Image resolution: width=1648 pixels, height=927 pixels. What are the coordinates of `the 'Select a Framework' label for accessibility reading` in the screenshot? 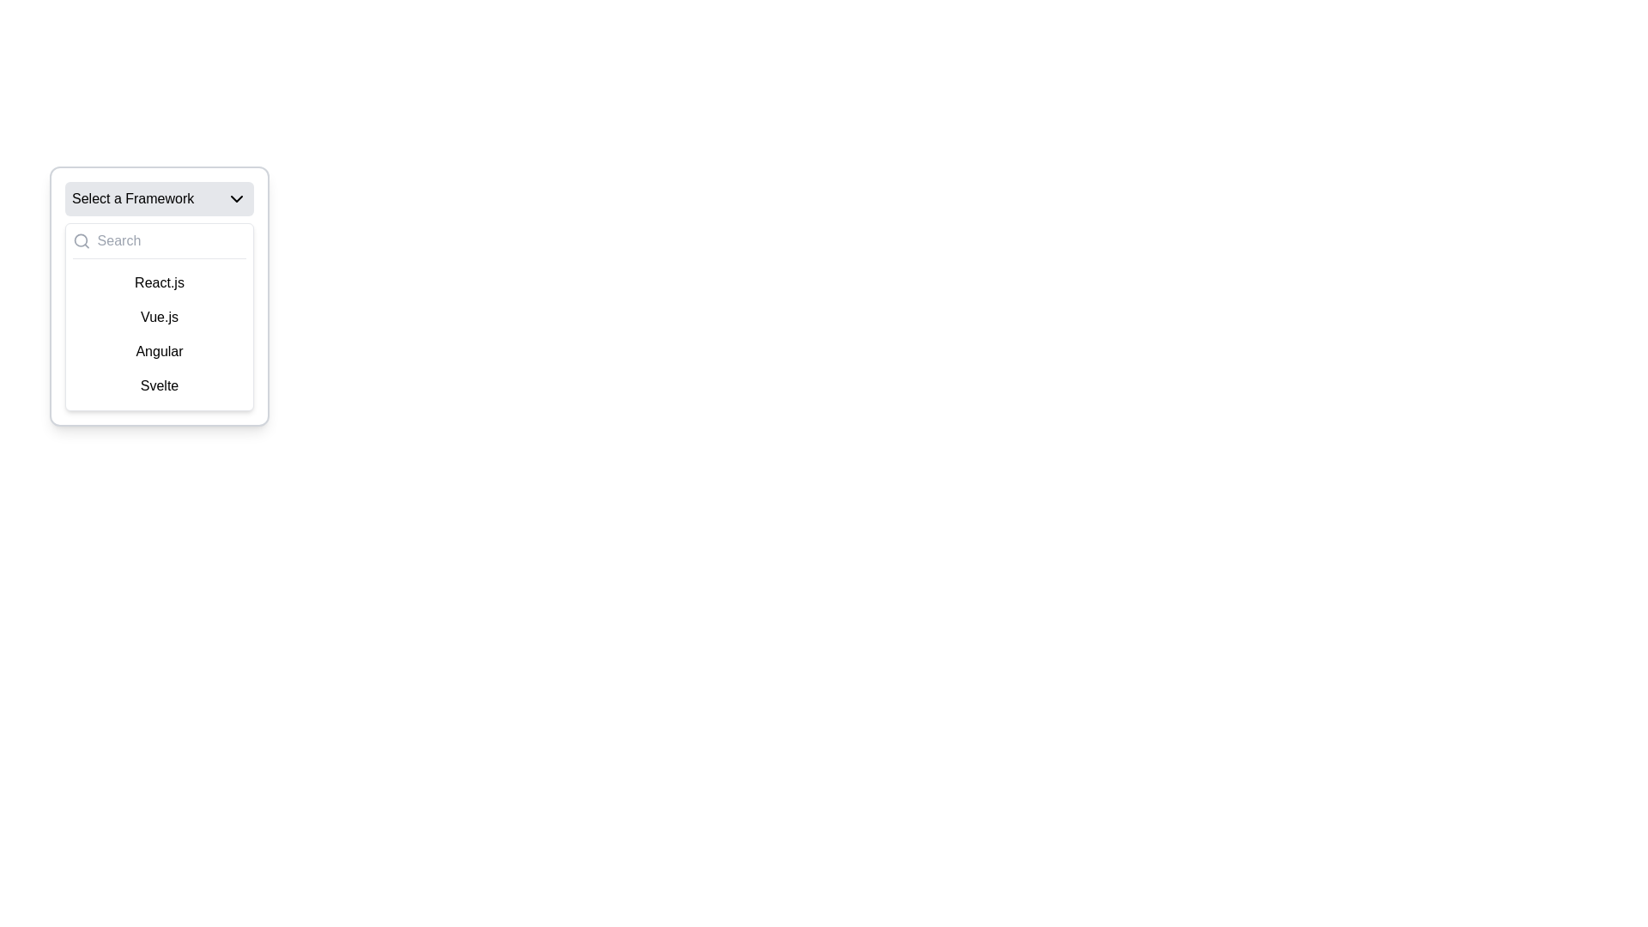 It's located at (132, 197).